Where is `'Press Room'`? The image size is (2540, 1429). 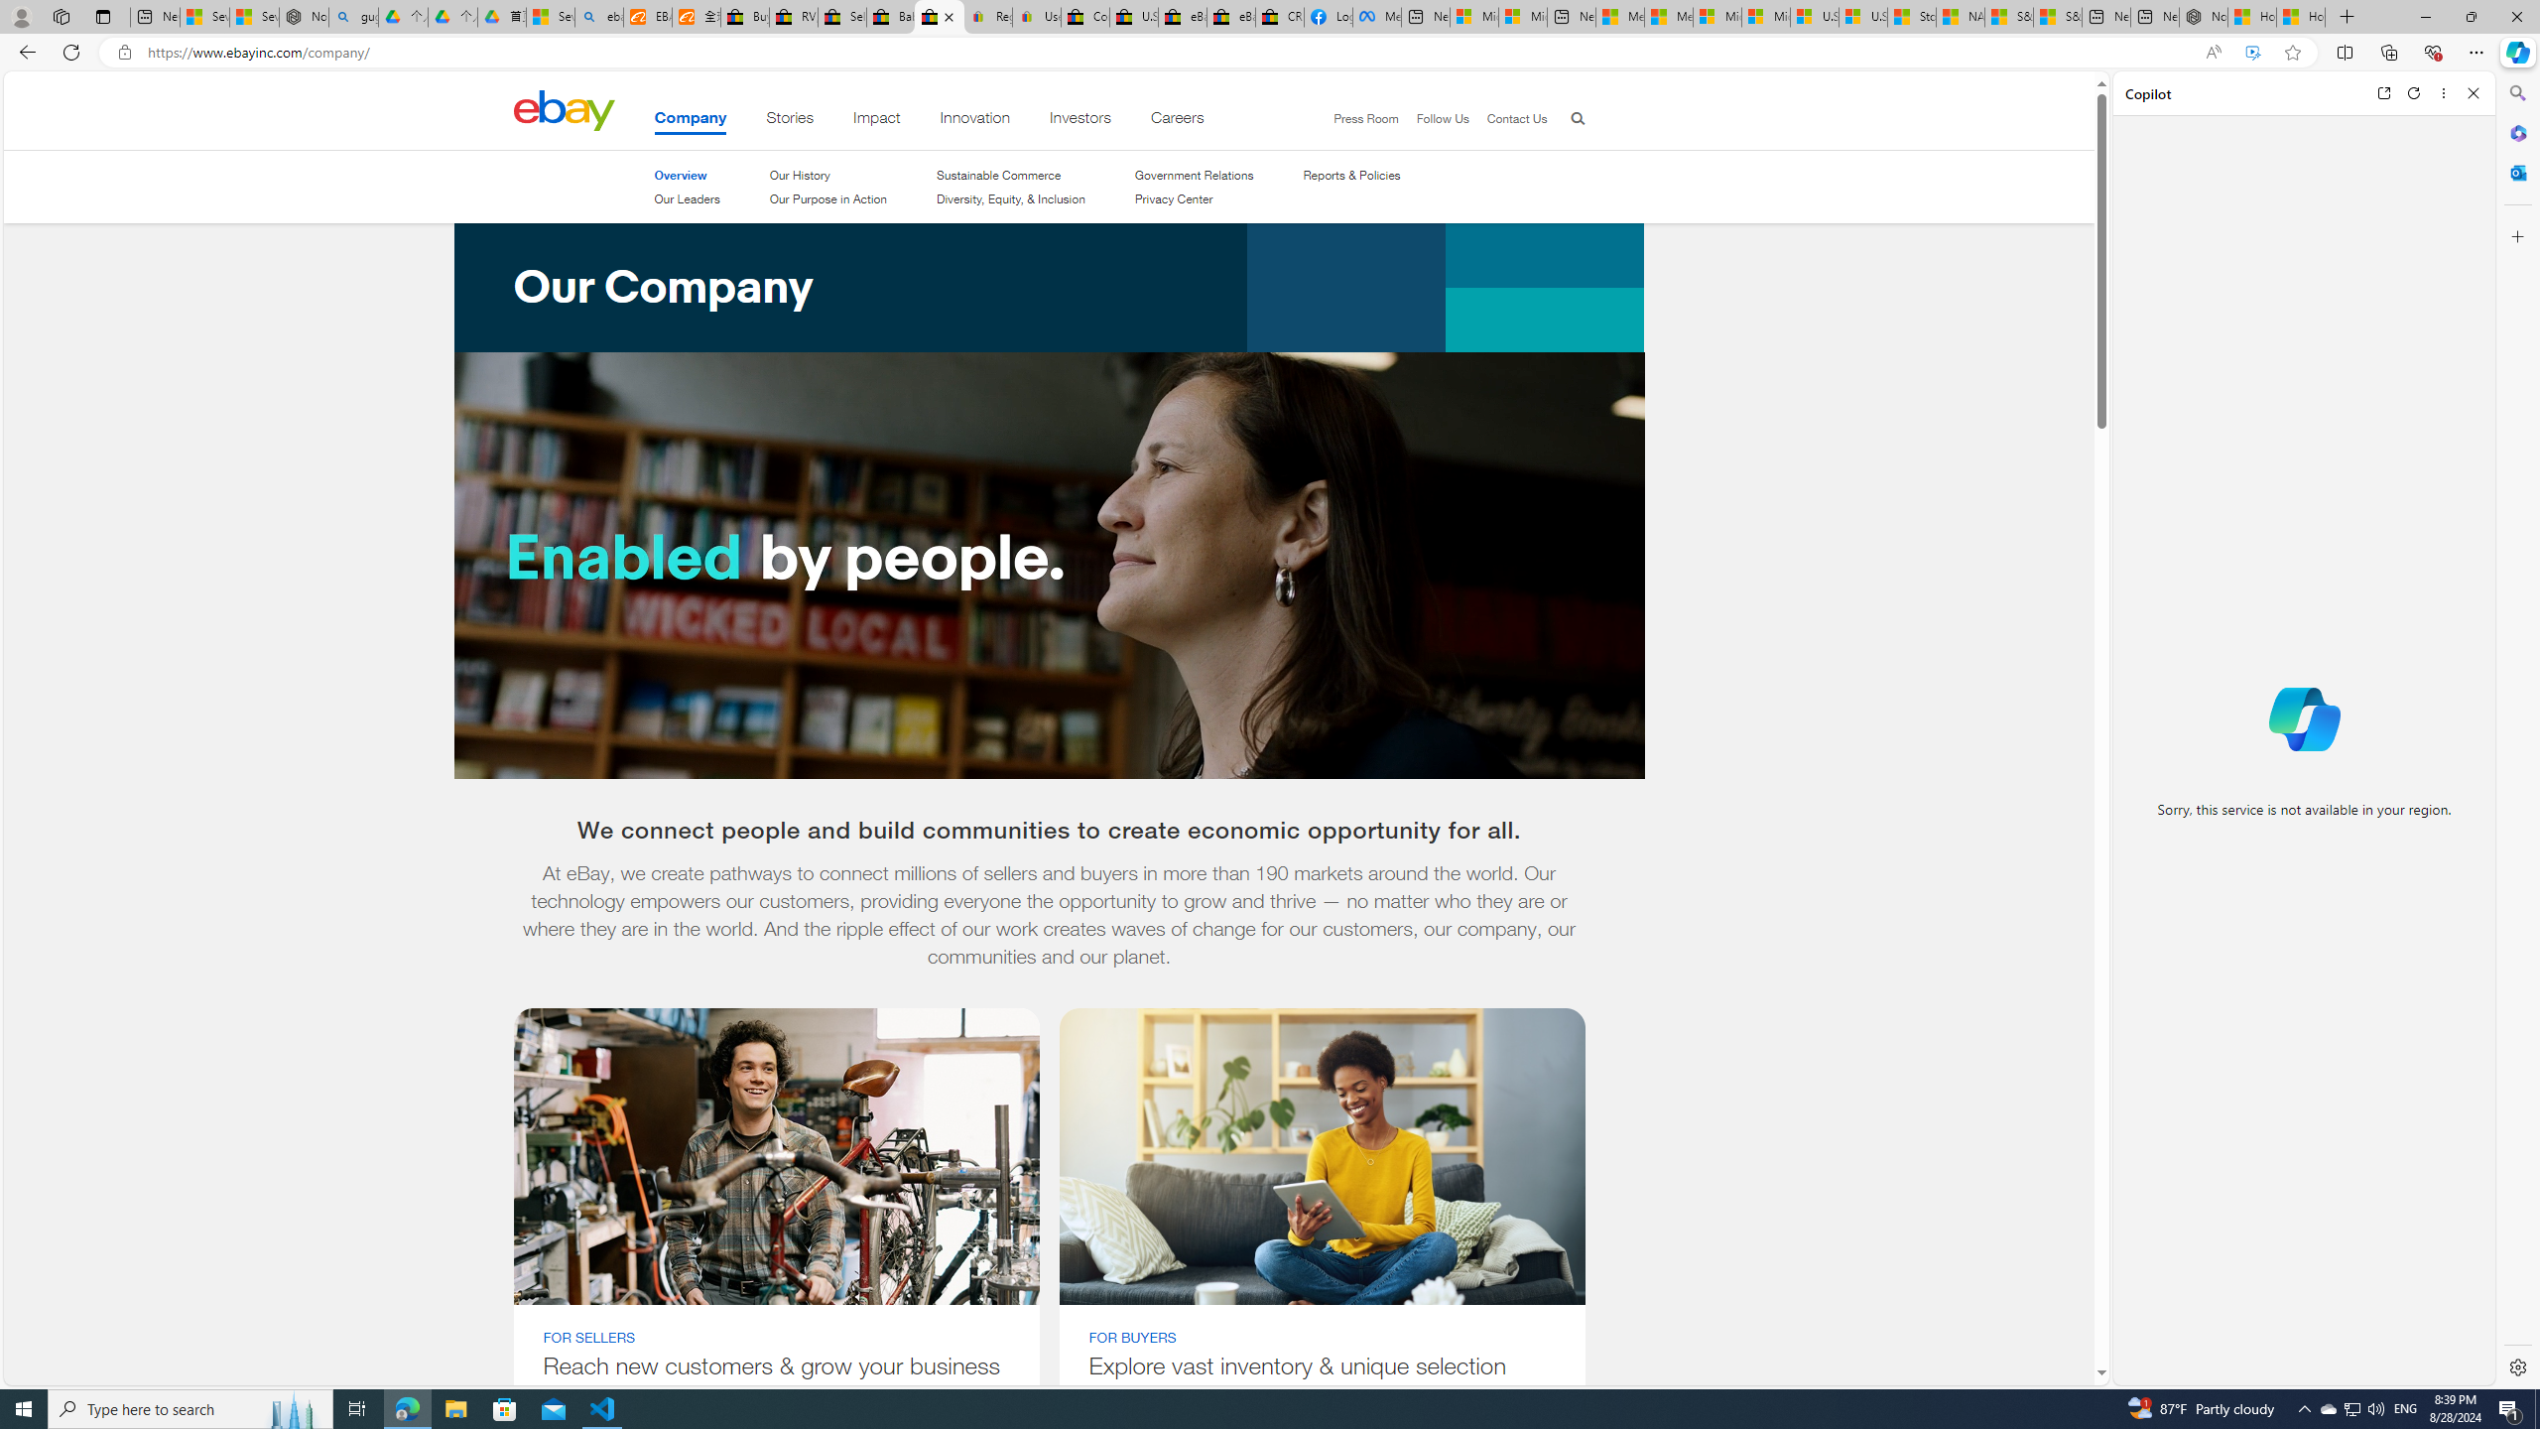
'Press Room' is located at coordinates (1356, 118).